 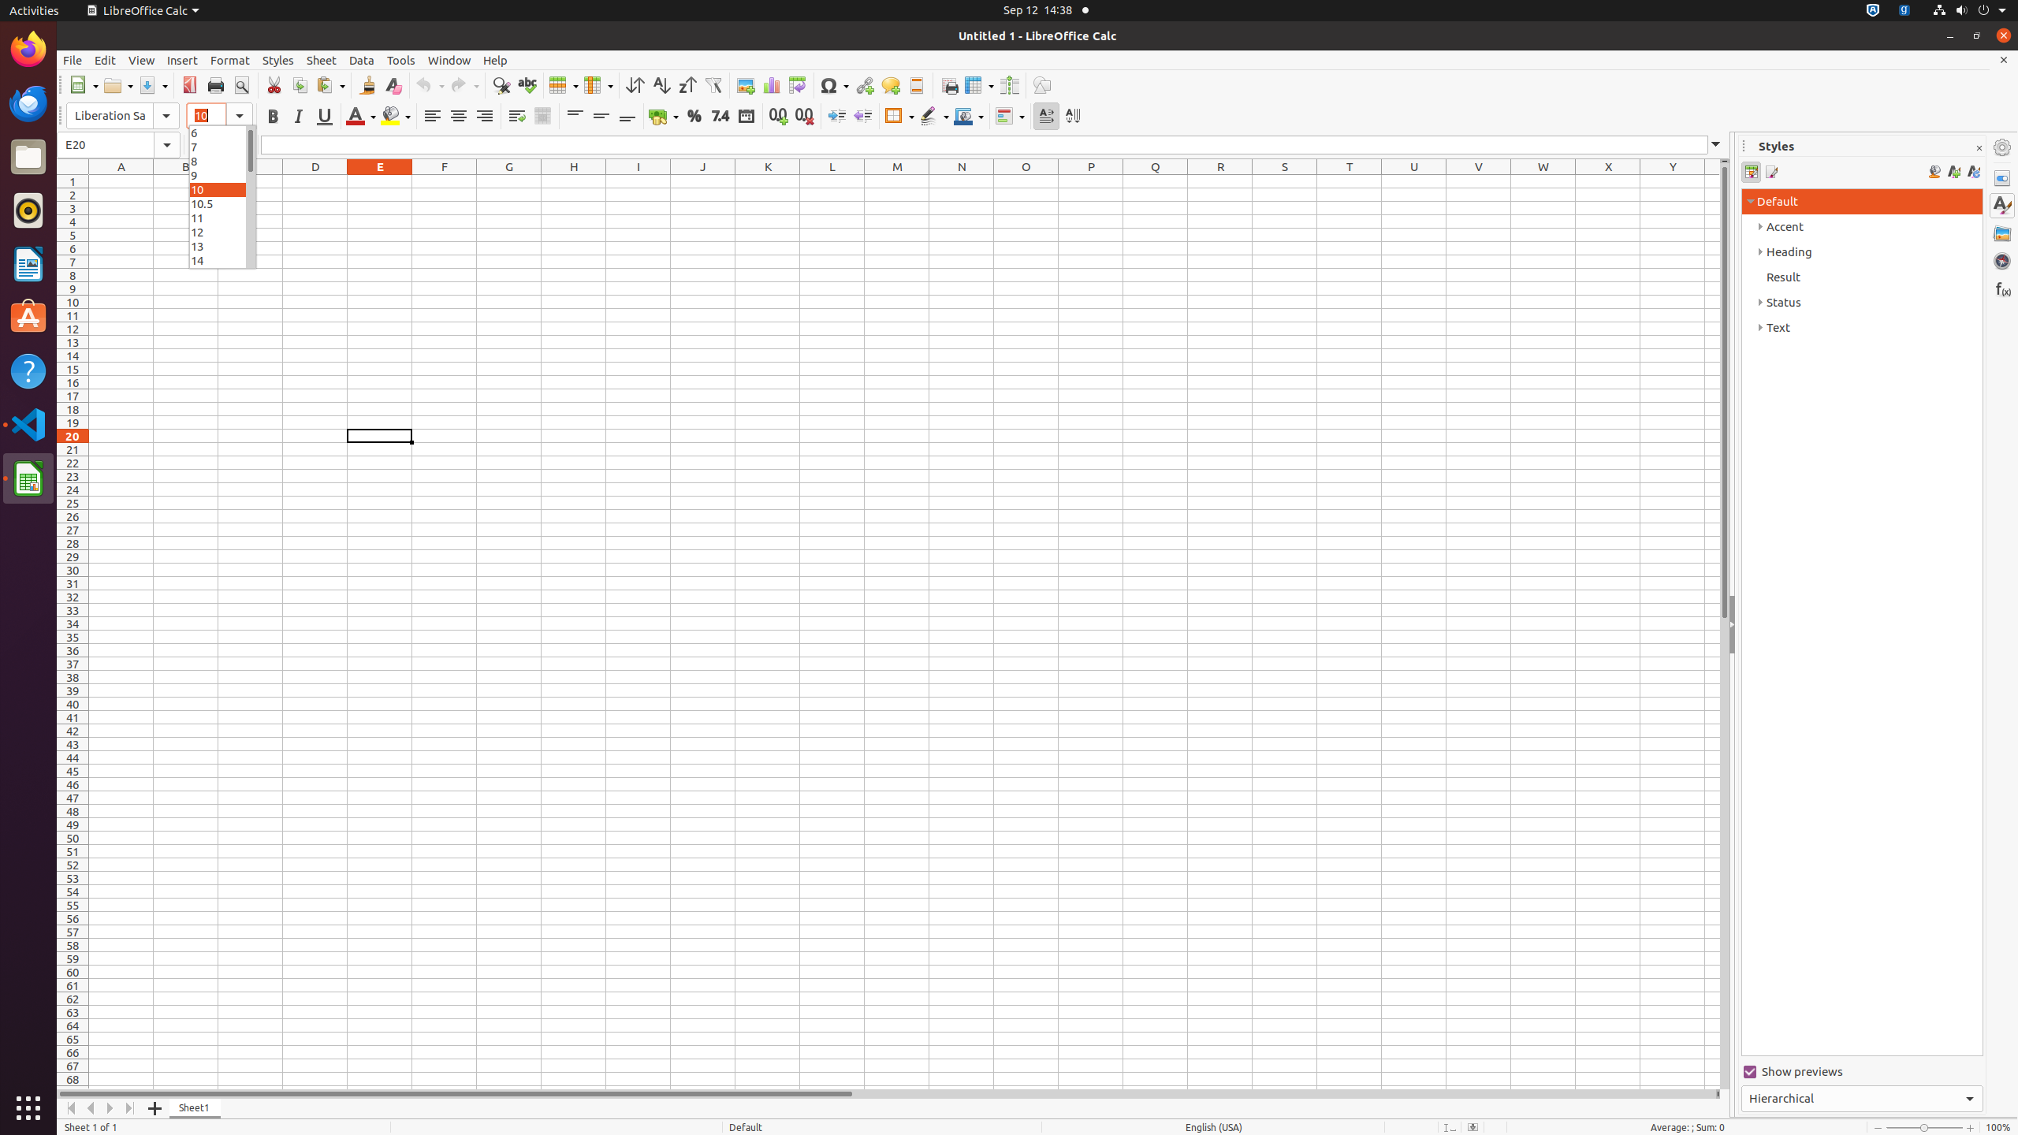 I want to click on 'Open', so click(x=118, y=84).